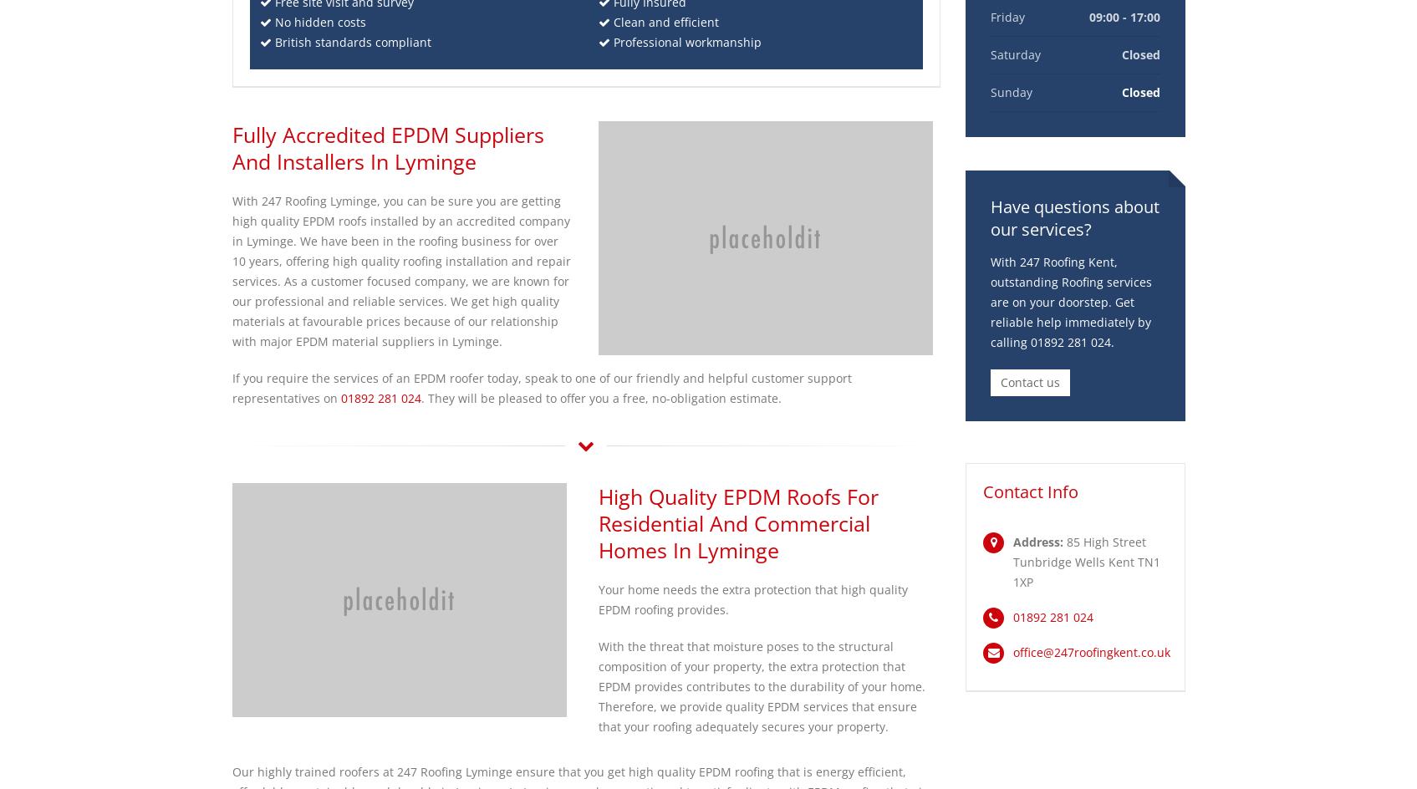 The height and width of the screenshot is (789, 1417). Describe the element at coordinates (1124, 17) in the screenshot. I see `'09:00 - 17:00'` at that location.